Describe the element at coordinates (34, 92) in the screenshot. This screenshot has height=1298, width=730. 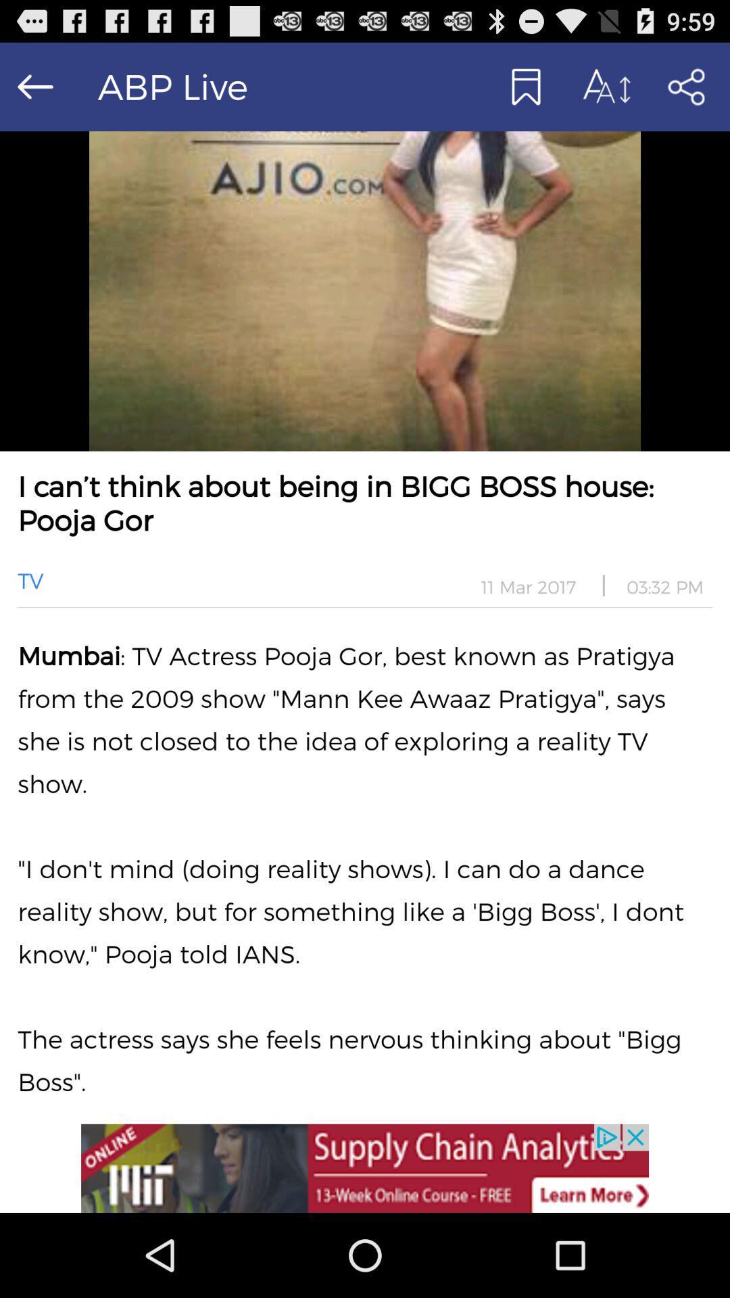
I see `the arrow_backward icon` at that location.